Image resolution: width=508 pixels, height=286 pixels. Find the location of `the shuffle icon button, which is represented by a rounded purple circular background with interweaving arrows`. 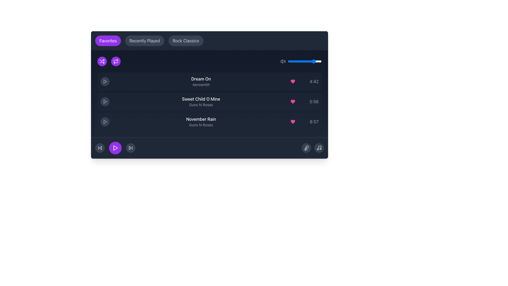

the shuffle icon button, which is represented by a rounded purple circular background with interweaving arrows is located at coordinates (102, 61).